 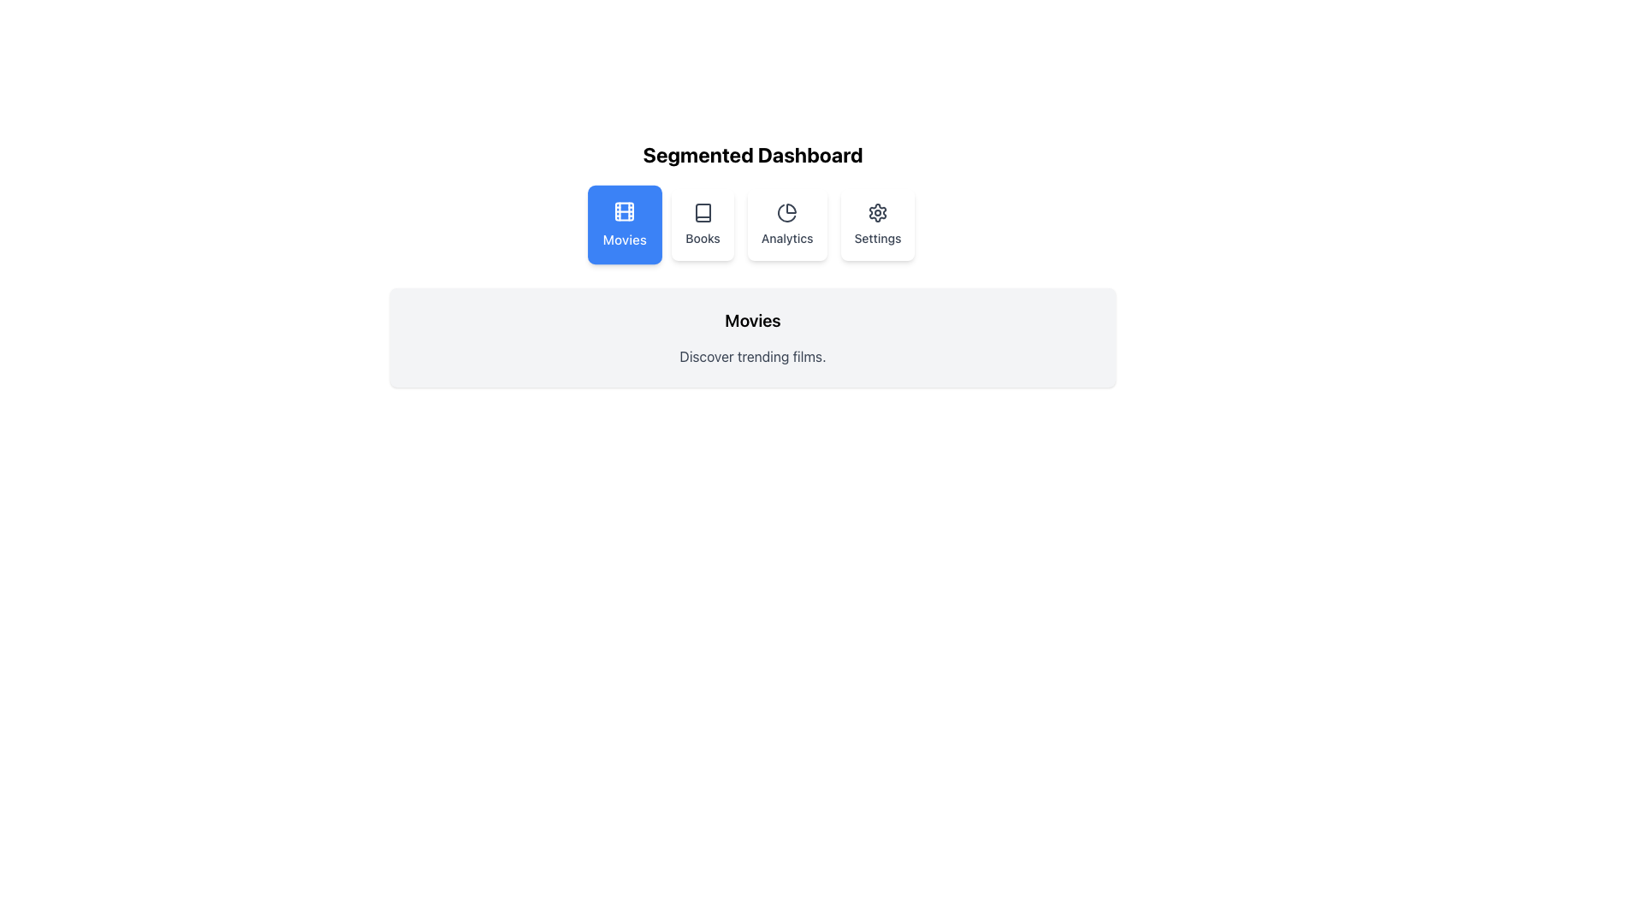 I want to click on the 'Books' interactive card located between the 'Movies' and 'Analytics' cards, so click(x=703, y=223).